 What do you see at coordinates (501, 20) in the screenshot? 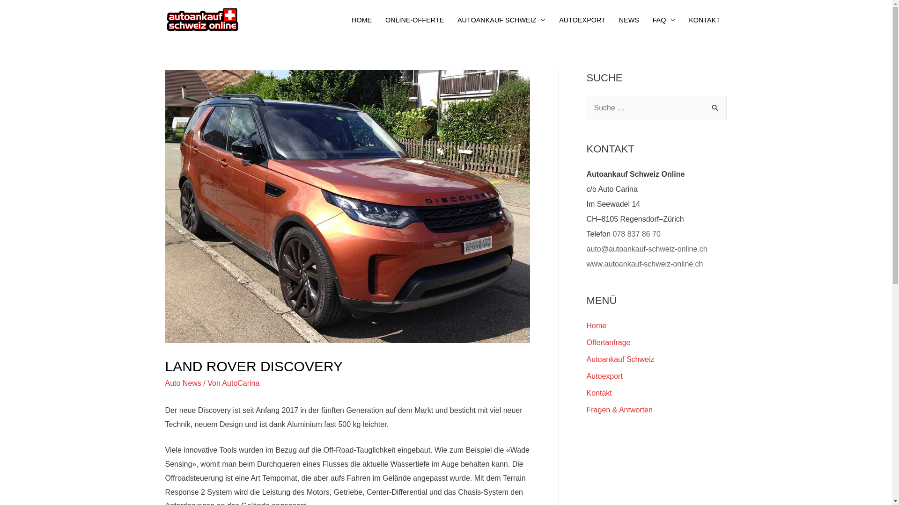
I see `'AUTOANKAUF SCHWEIZ'` at bounding box center [501, 20].